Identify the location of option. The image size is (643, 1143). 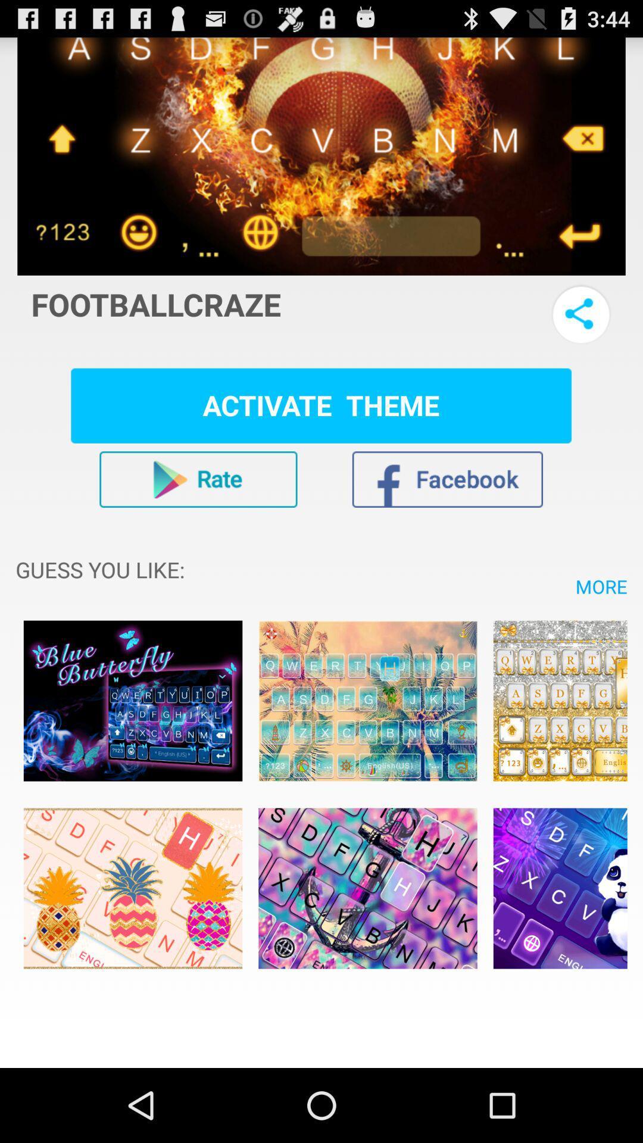
(367, 701).